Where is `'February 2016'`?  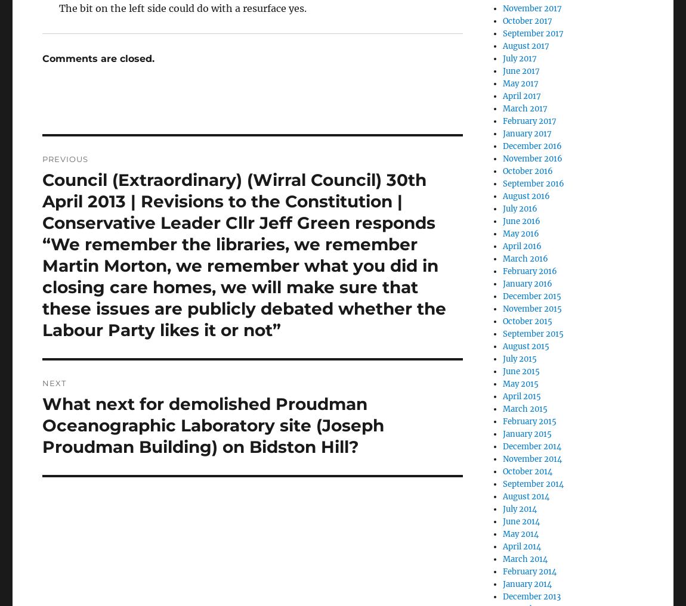 'February 2016' is located at coordinates (530, 271).